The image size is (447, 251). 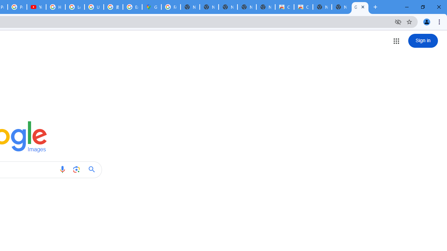 I want to click on 'Classic Blue - Chrome Web Store', so click(x=303, y=7).